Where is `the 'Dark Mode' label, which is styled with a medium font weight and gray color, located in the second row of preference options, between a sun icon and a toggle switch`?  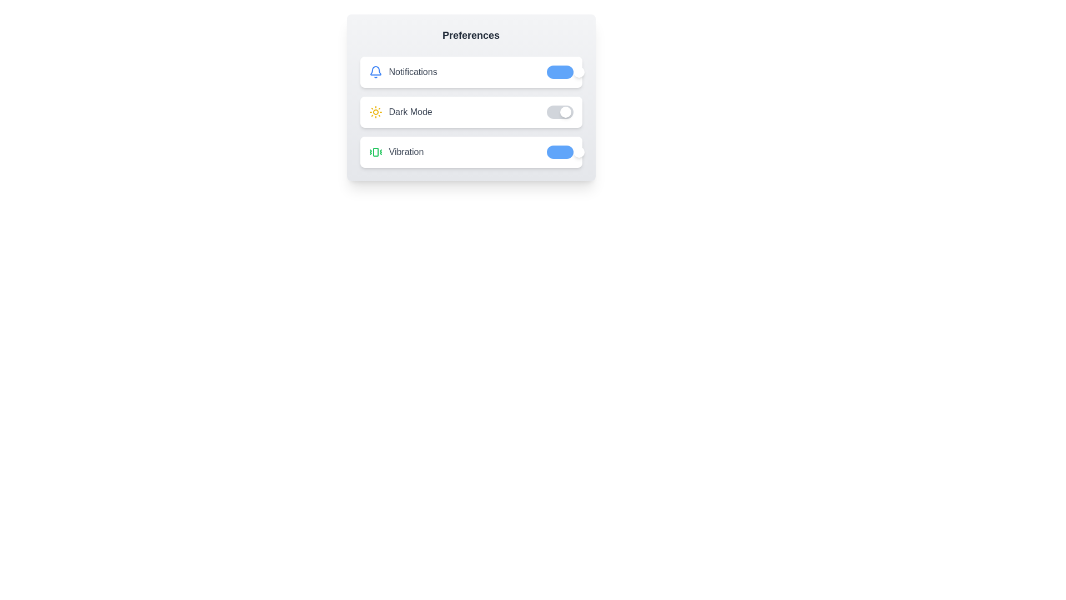
the 'Dark Mode' label, which is styled with a medium font weight and gray color, located in the second row of preference options, between a sun icon and a toggle switch is located at coordinates (410, 112).